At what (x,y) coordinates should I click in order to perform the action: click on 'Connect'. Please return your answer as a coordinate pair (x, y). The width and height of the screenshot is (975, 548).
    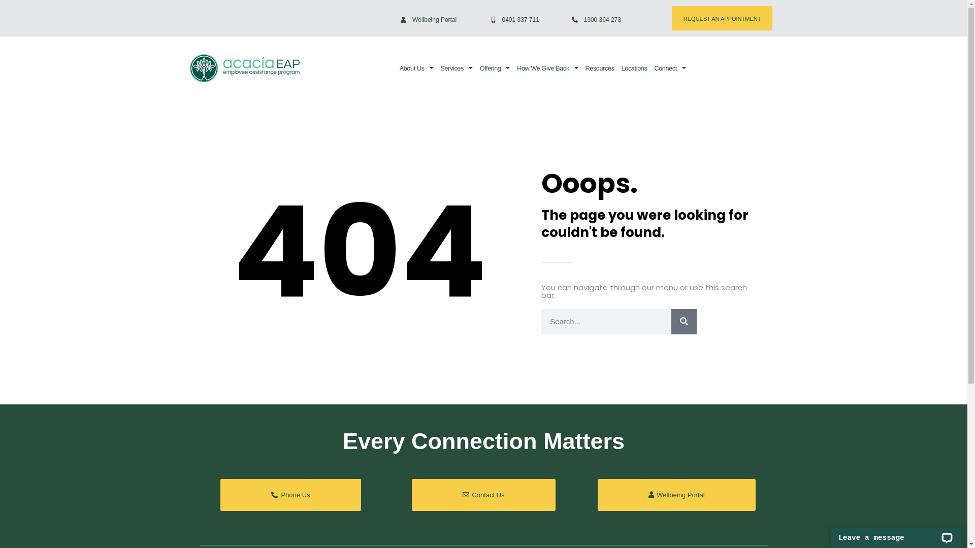
    Looking at the image, I should click on (670, 68).